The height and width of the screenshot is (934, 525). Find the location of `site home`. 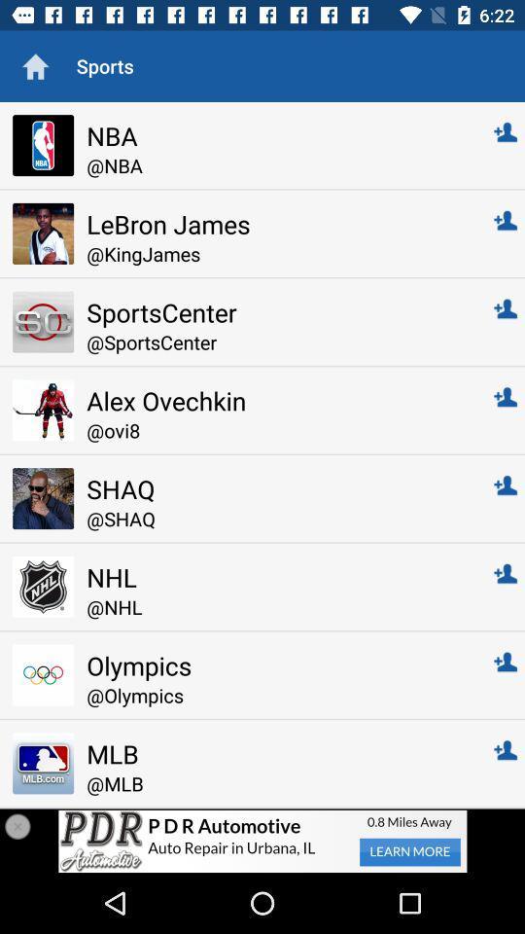

site home is located at coordinates (35, 66).